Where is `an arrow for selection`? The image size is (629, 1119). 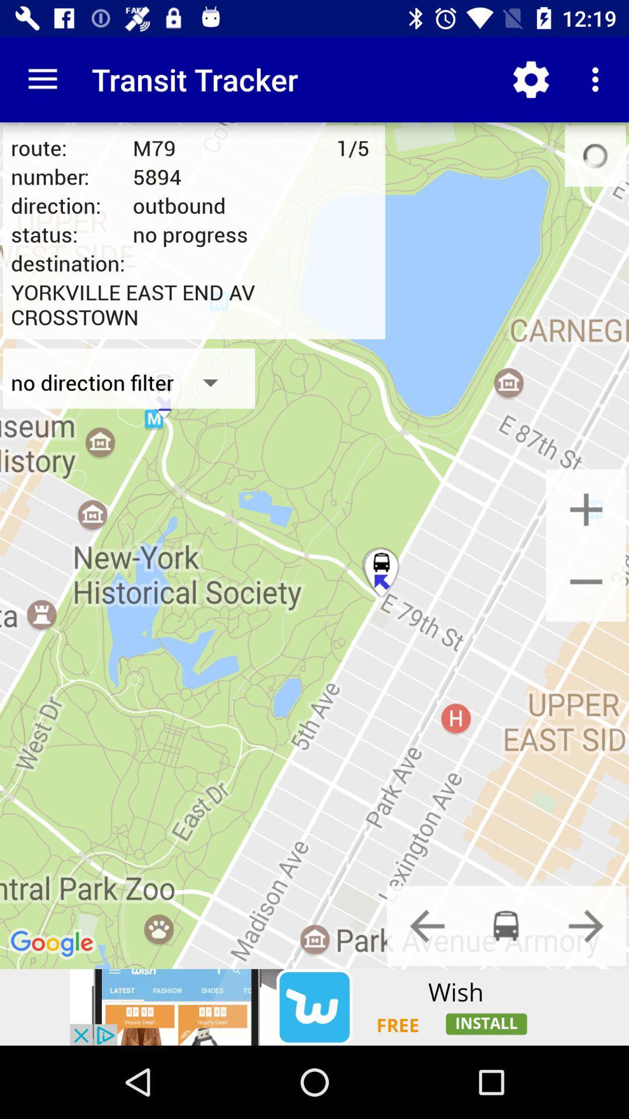 an arrow for selection is located at coordinates (427, 925).